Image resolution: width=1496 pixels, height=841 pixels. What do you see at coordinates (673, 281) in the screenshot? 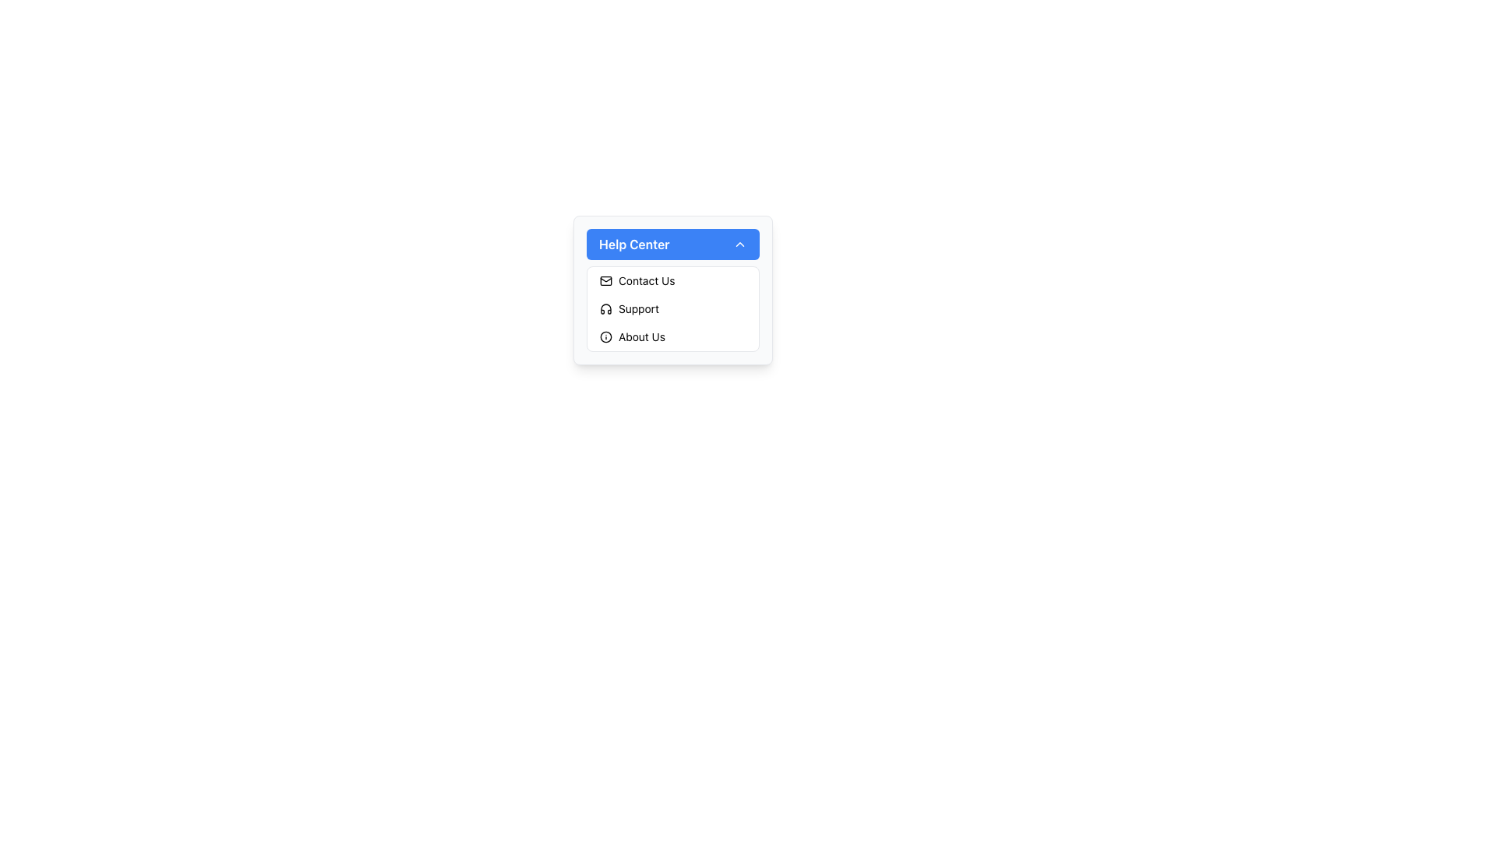
I see `the 'Contact' button located directly below the 'Help Center' title in the vertical menu` at bounding box center [673, 281].